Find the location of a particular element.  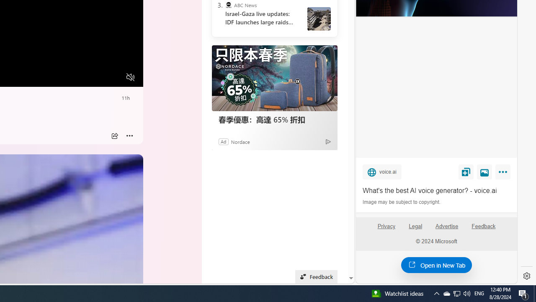

'Legal' is located at coordinates (415, 226).